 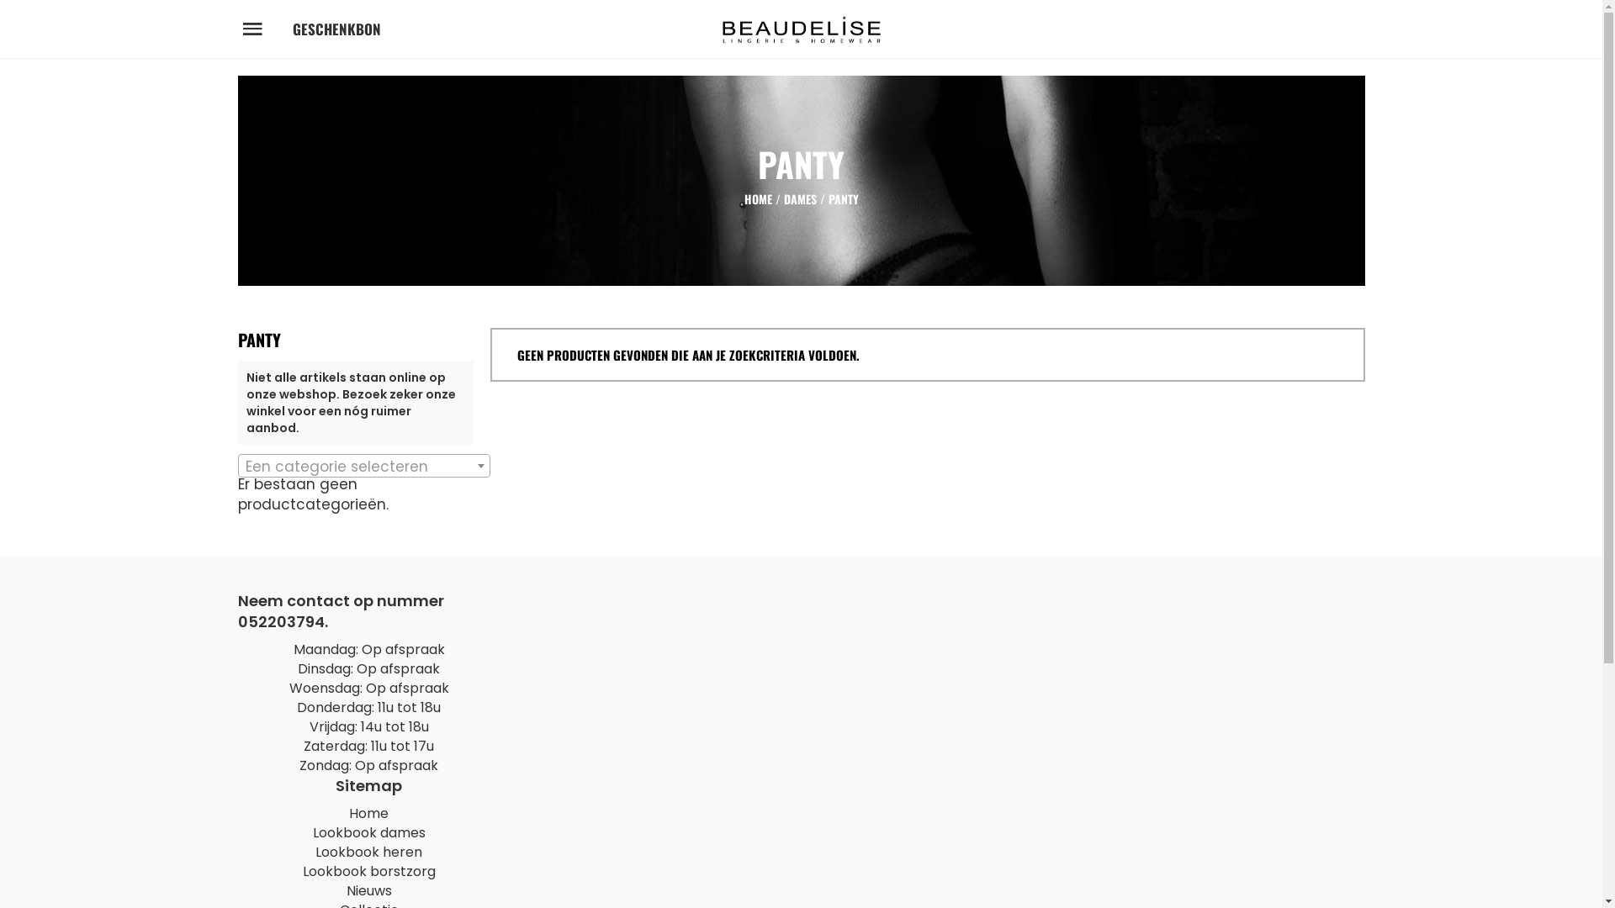 What do you see at coordinates (313, 832) in the screenshot?
I see `'Lookbook dames'` at bounding box center [313, 832].